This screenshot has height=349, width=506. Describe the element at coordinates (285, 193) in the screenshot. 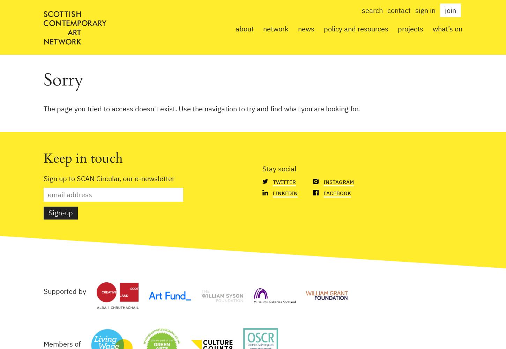

I see `'Linkedin'` at that location.